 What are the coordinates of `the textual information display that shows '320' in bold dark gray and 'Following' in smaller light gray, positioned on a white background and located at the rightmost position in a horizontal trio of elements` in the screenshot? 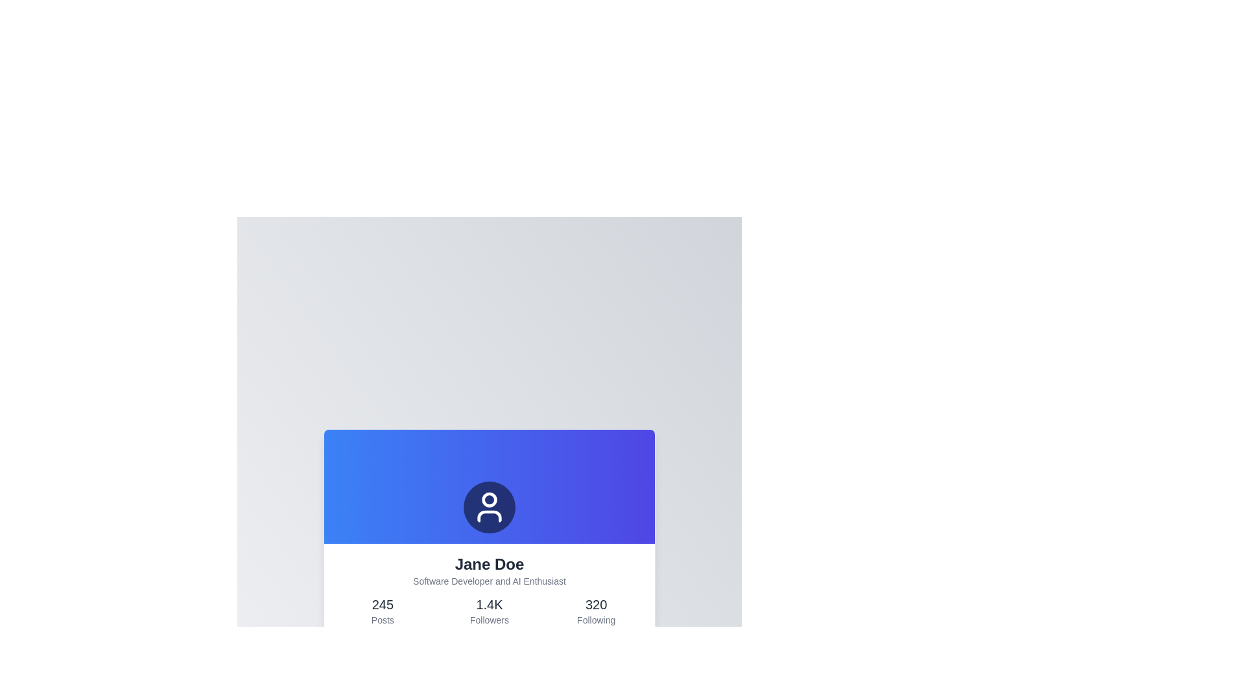 It's located at (595, 611).